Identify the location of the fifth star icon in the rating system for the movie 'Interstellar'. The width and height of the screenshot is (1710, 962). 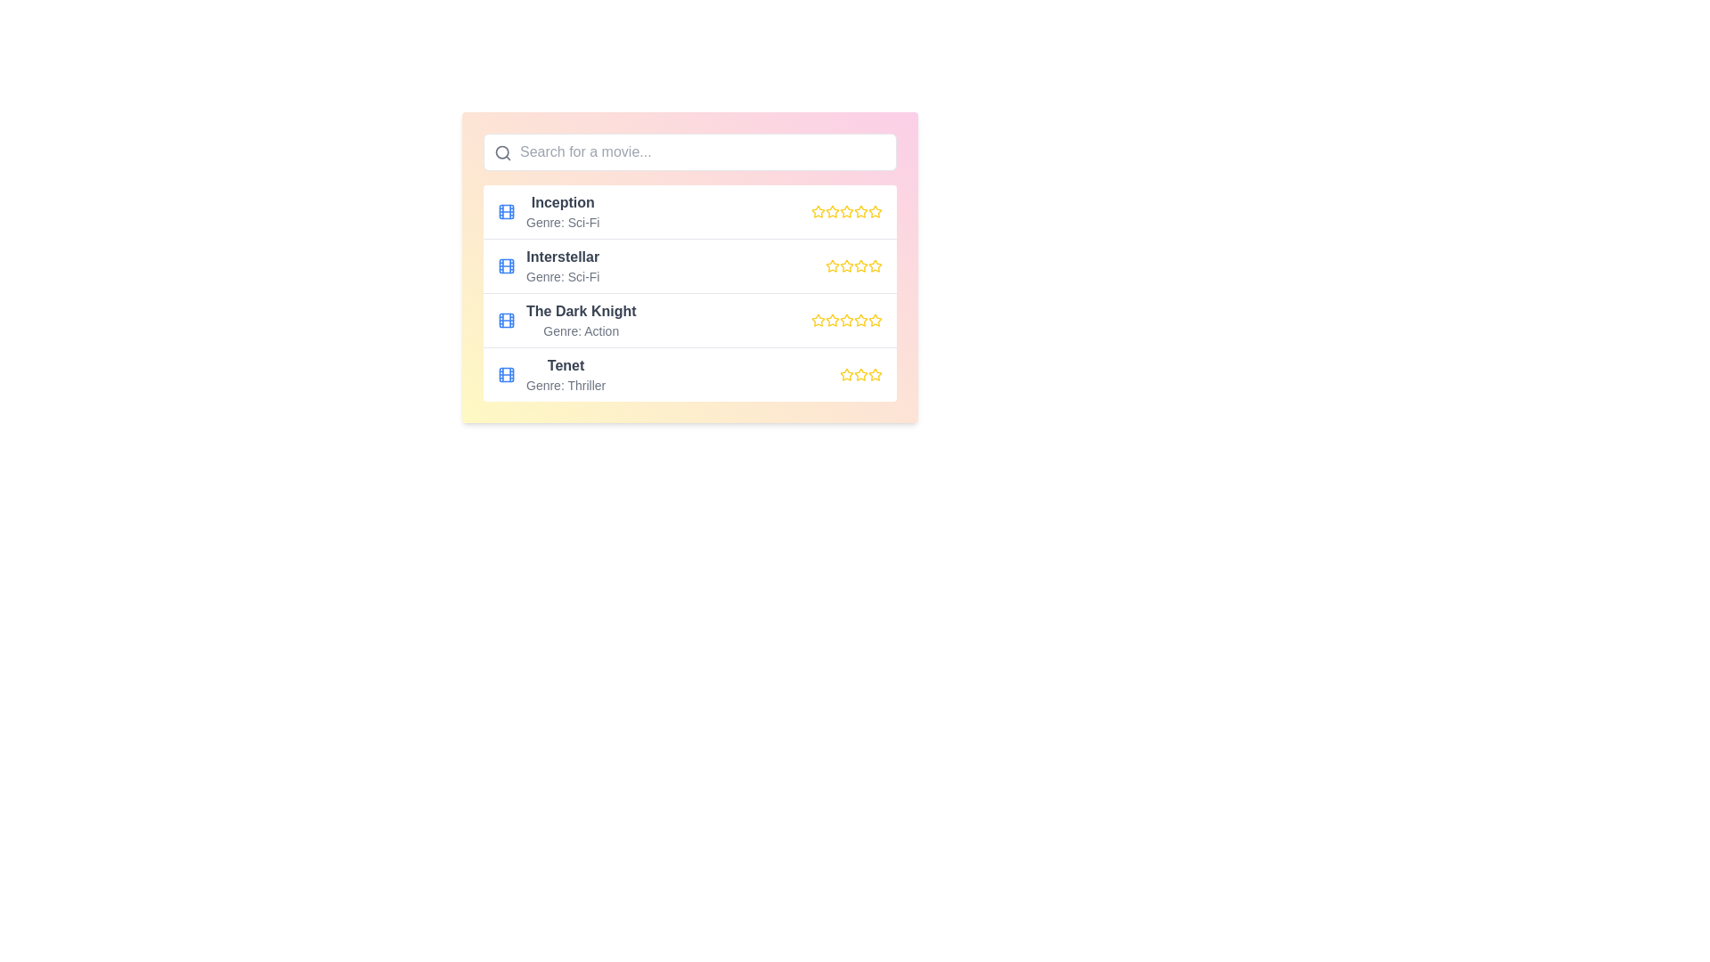
(860, 266).